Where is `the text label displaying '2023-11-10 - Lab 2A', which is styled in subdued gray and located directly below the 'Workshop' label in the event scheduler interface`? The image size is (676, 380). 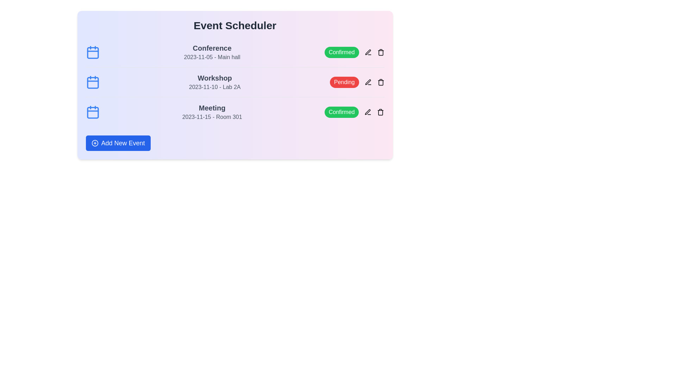 the text label displaying '2023-11-10 - Lab 2A', which is styled in subdued gray and located directly below the 'Workshop' label in the event scheduler interface is located at coordinates (214, 87).